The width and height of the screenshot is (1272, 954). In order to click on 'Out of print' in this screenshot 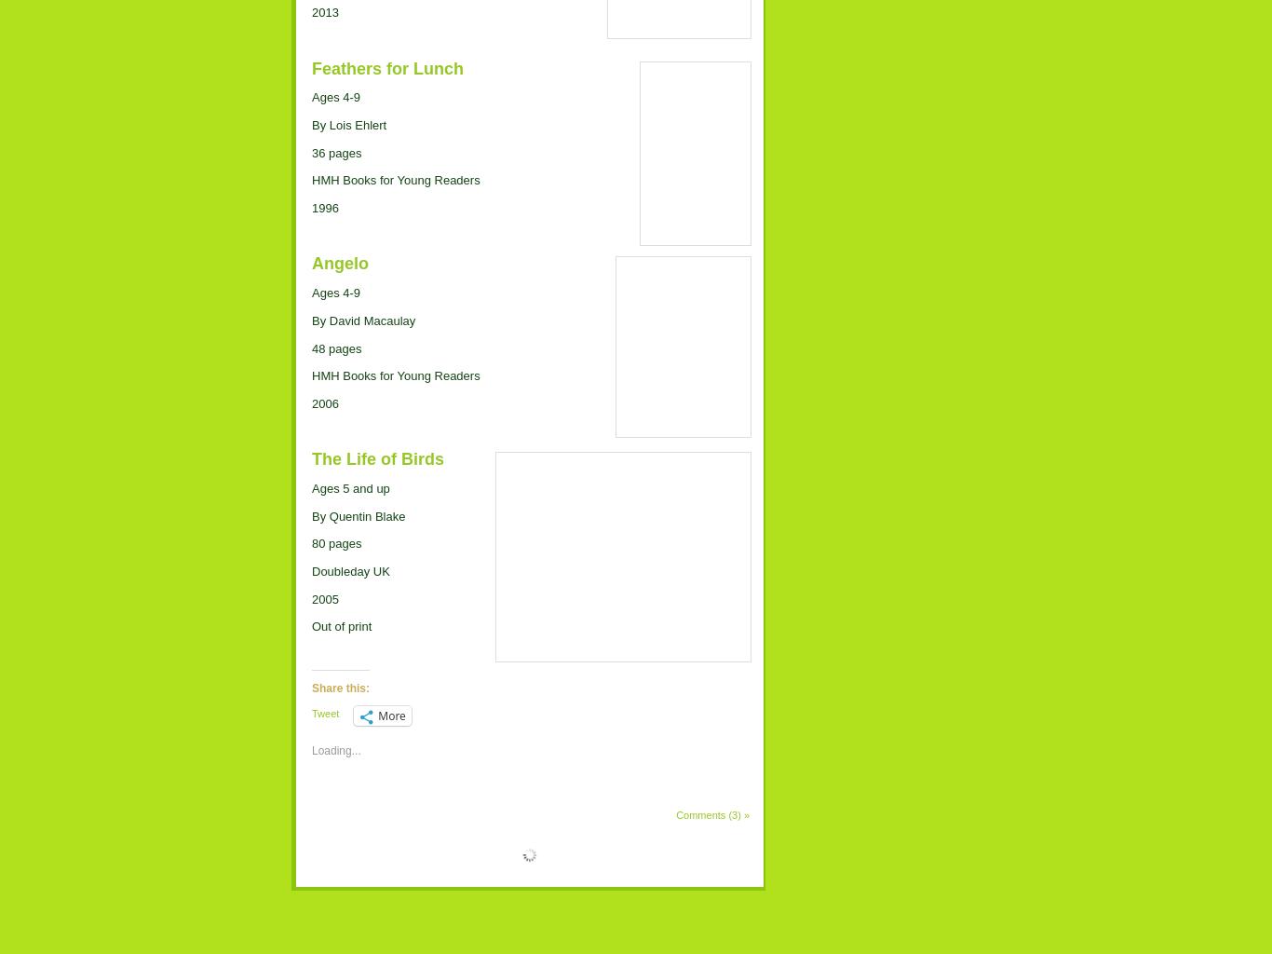, I will do `click(341, 625)`.